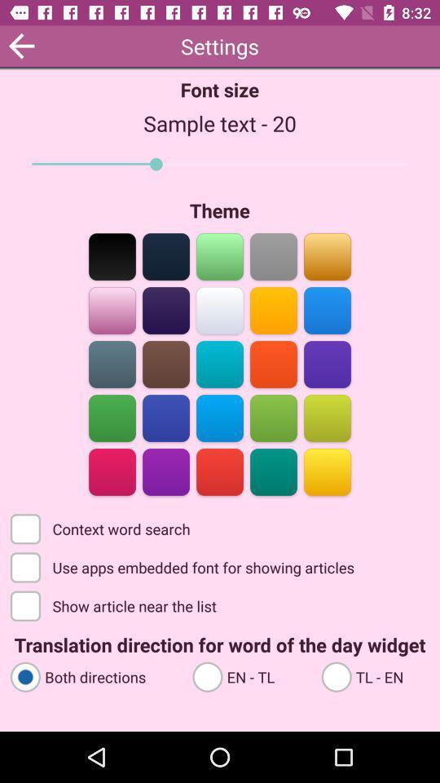 Image resolution: width=440 pixels, height=783 pixels. What do you see at coordinates (273, 471) in the screenshot?
I see `that color as the theme` at bounding box center [273, 471].